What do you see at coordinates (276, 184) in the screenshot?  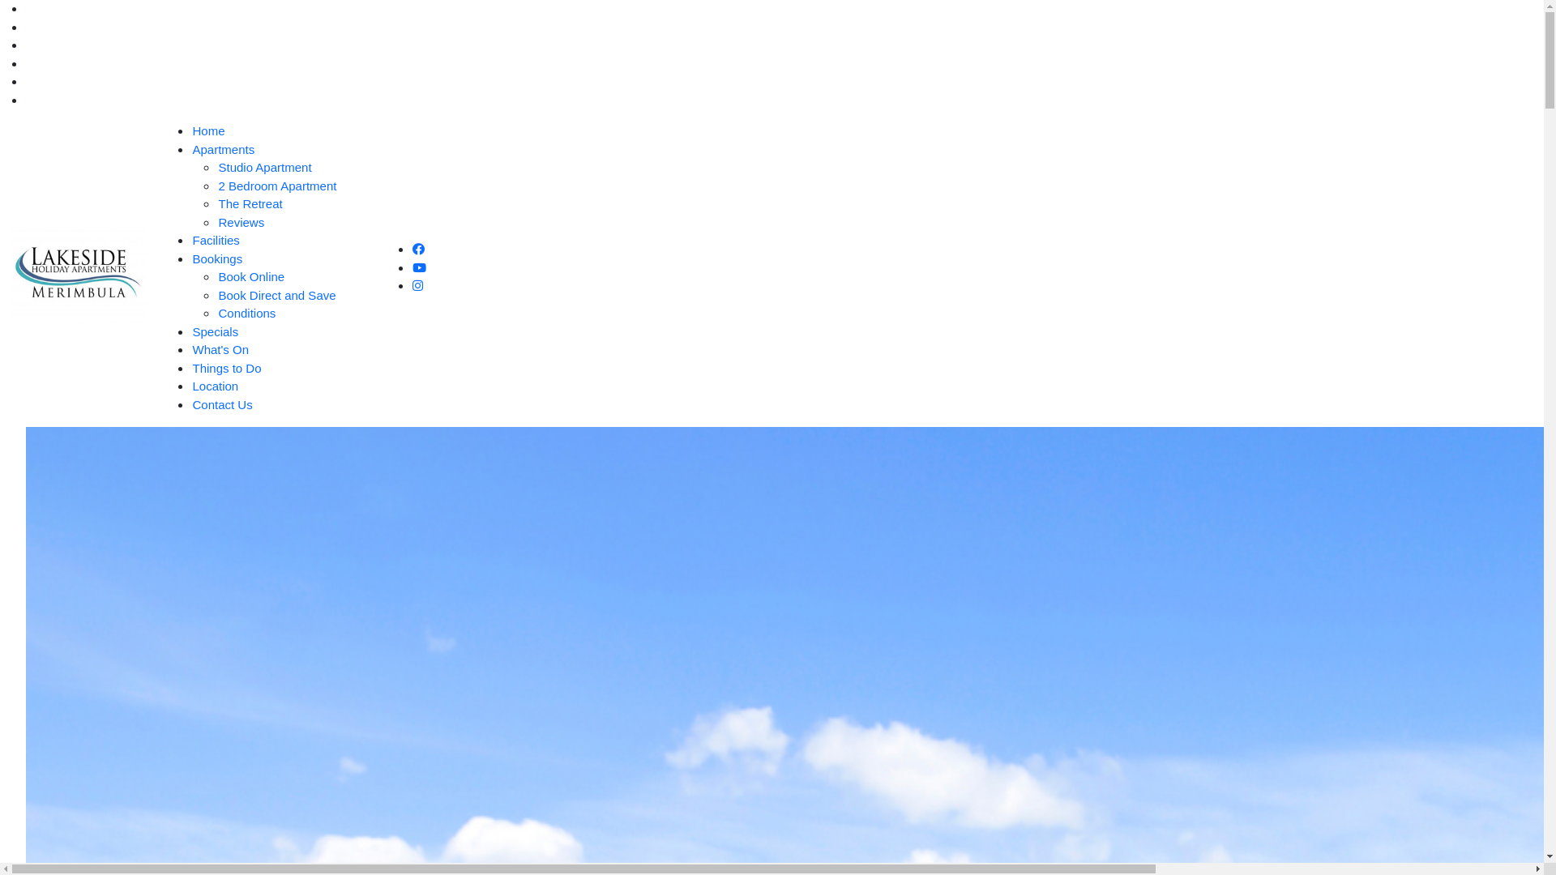 I see `'2 Bedroom Apartment'` at bounding box center [276, 184].